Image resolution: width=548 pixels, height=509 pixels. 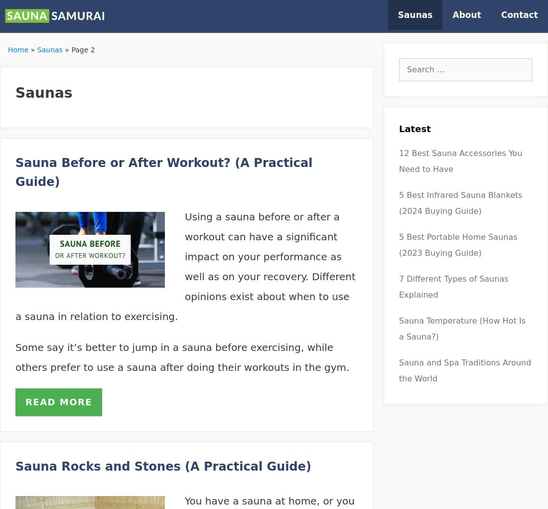 What do you see at coordinates (182, 356) in the screenshot?
I see `'Some say it’s better to jump in a sauna before exercising, while others prefer to use a sauna after doing their workouts in the gym.'` at bounding box center [182, 356].